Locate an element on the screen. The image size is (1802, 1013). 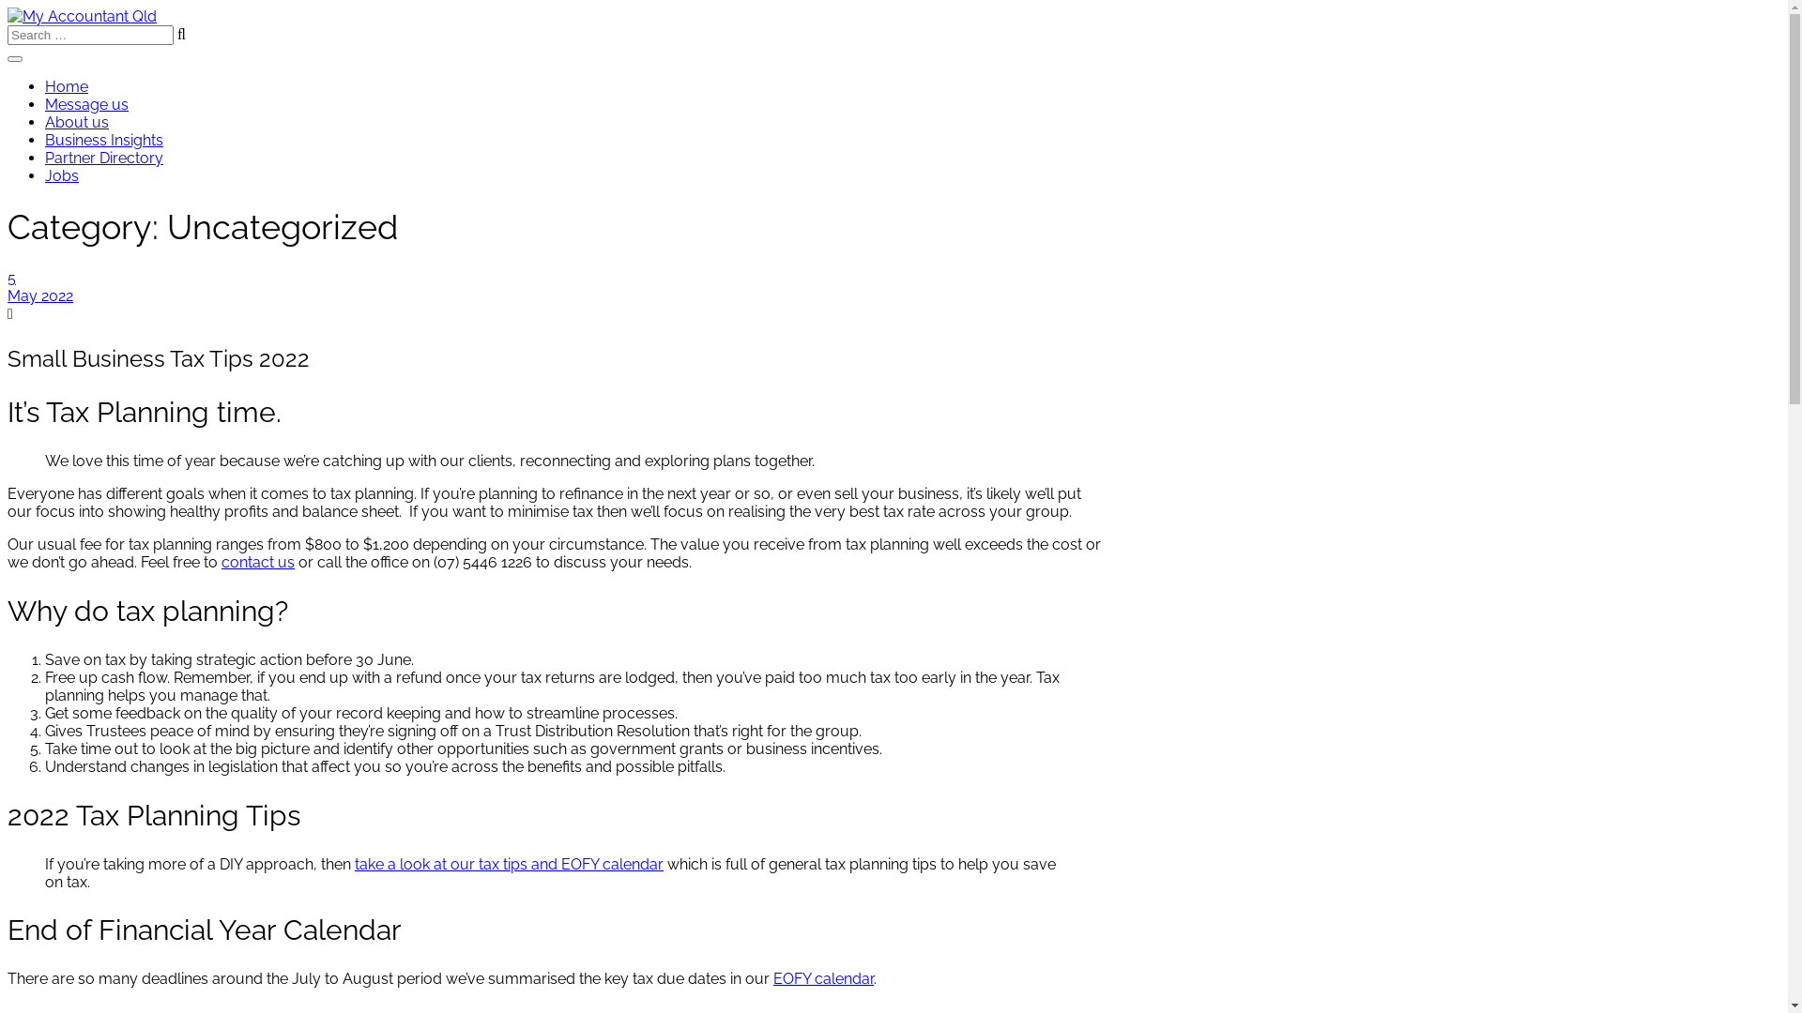
'My Accountant Qld' is located at coordinates (81, 16).